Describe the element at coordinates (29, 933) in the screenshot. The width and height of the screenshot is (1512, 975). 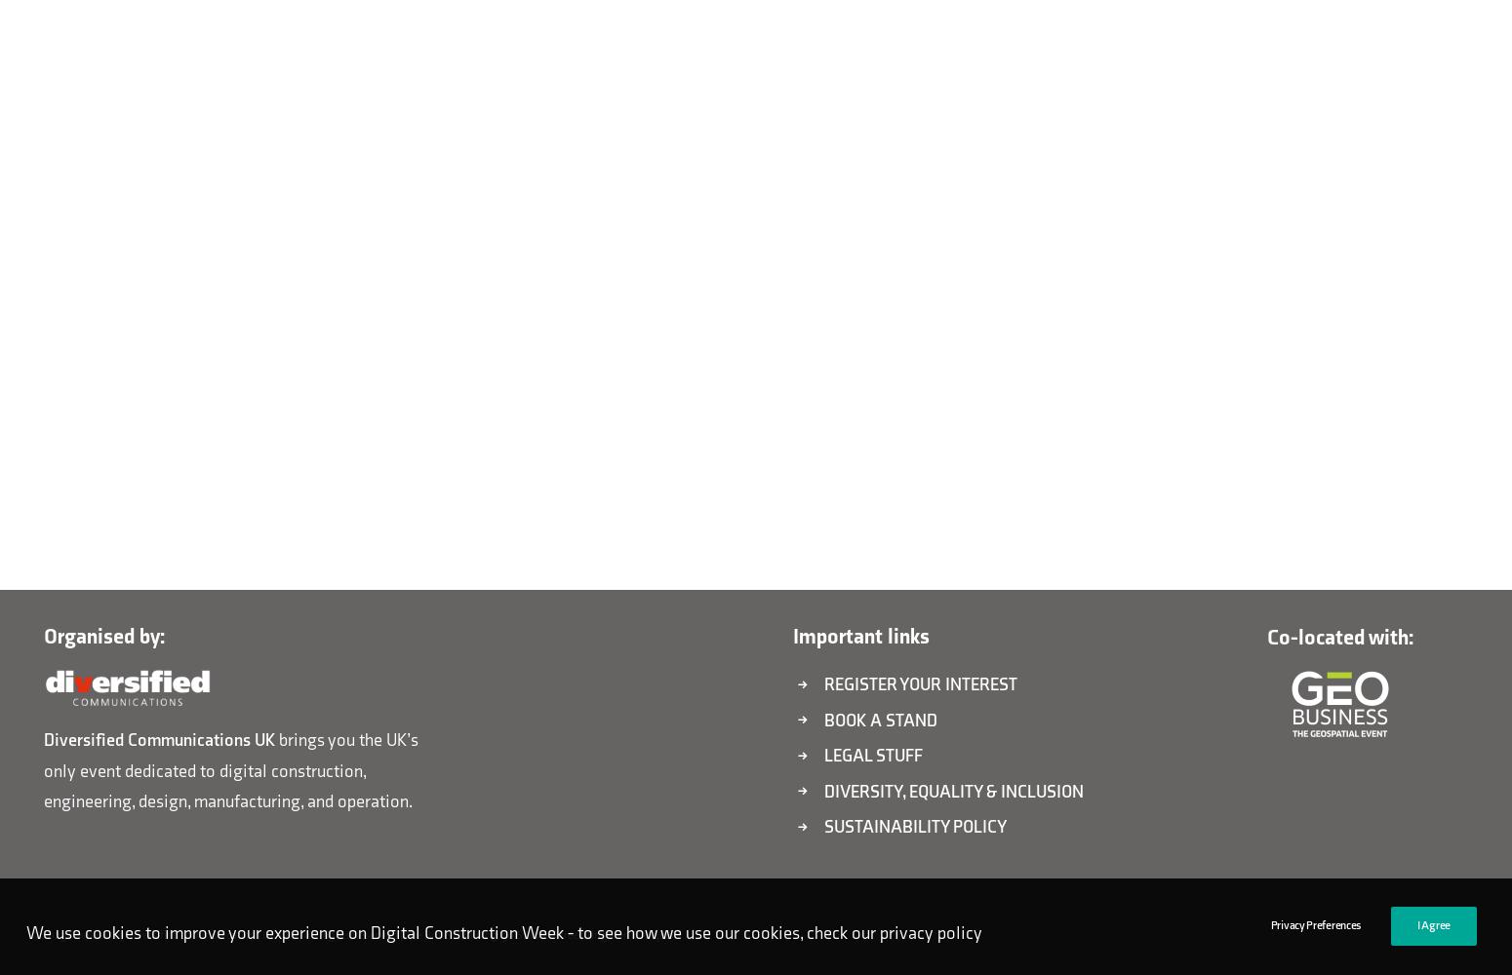
I see `'© 2023 Powered by Diversified Communications UK LTD | All Rights Reserved | The Brinell Building, 30 Station Street, Brighton. BN1 4RB'` at that location.